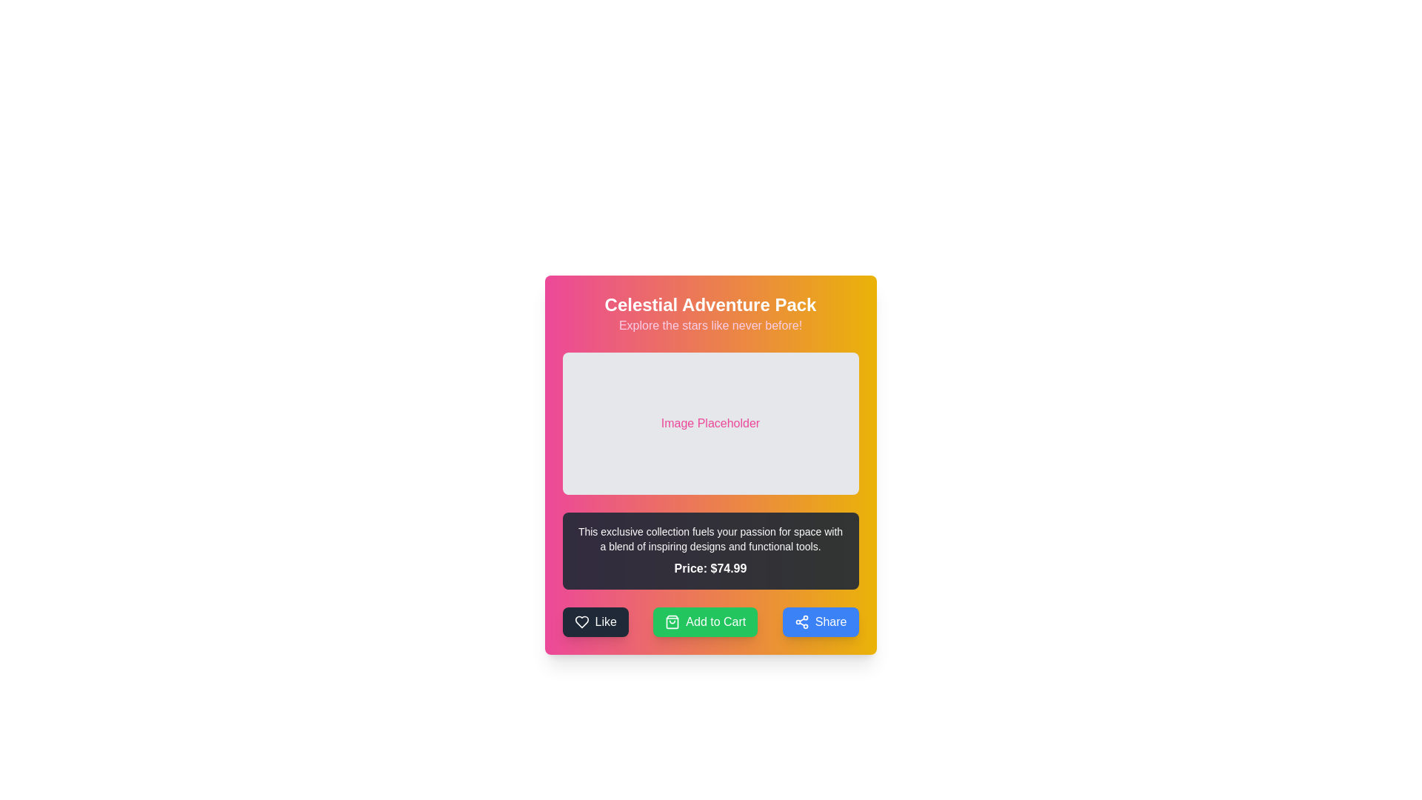 The width and height of the screenshot is (1422, 800). Describe the element at coordinates (581, 622) in the screenshot. I see `on the heart-shaped icon within the dark rectangular button labeled 'Like' at the bottom left of the card interface` at that location.